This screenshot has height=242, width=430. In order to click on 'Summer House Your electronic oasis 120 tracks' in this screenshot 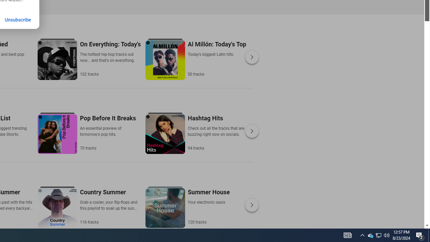, I will do `click(208, 206)`.